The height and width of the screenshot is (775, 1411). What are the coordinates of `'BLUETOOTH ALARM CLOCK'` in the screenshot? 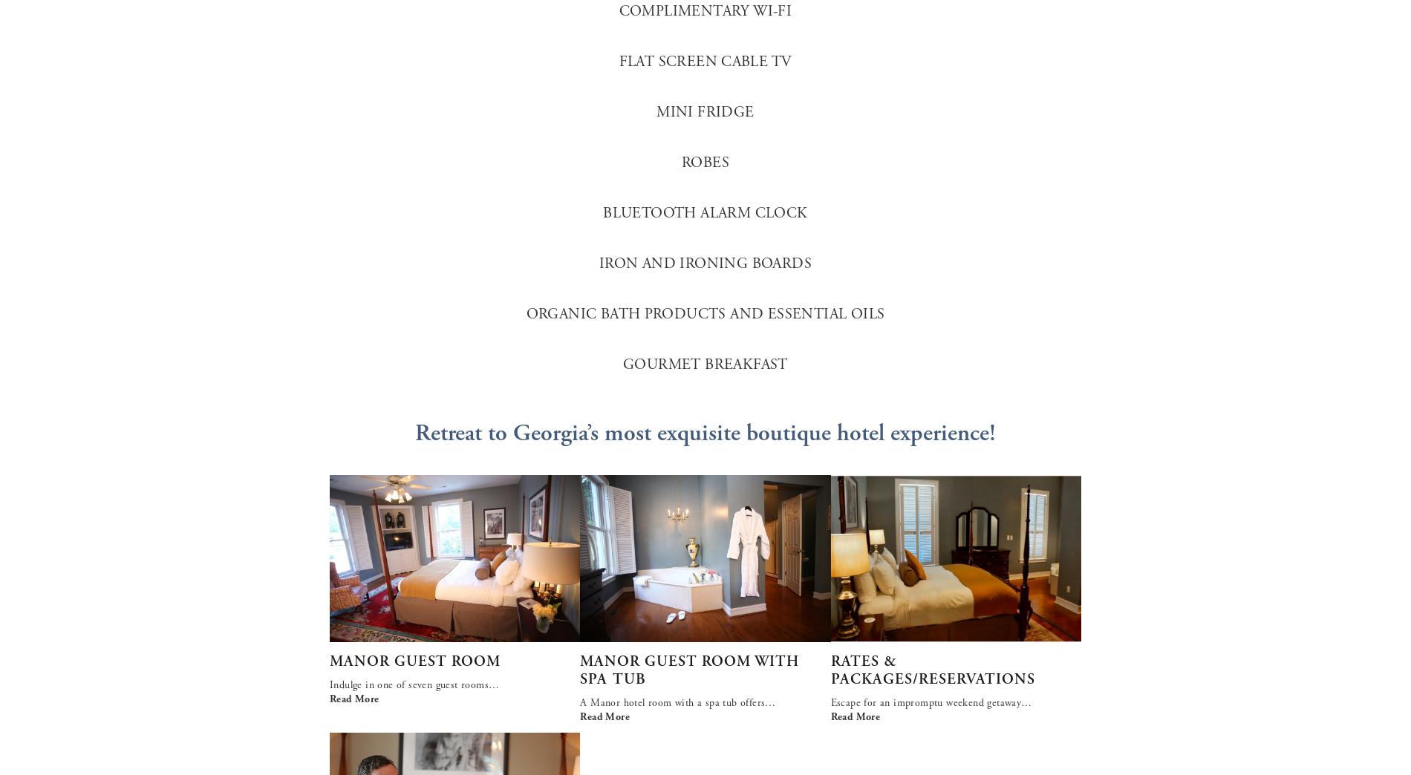 It's located at (704, 212).